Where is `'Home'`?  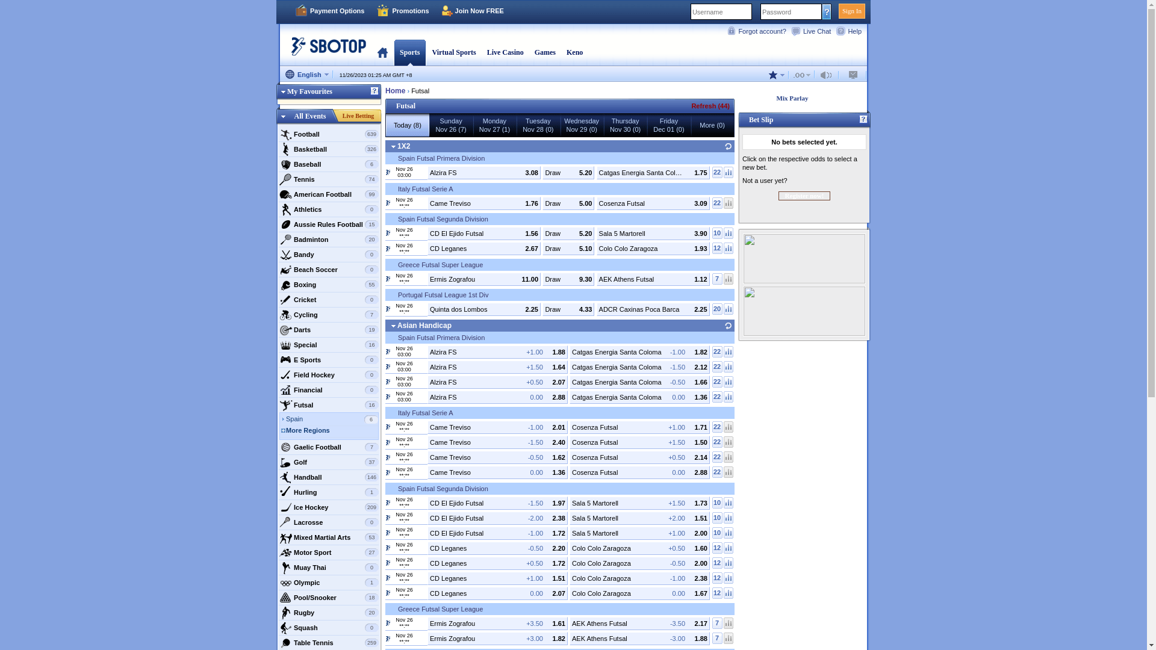 'Home' is located at coordinates (395, 90).